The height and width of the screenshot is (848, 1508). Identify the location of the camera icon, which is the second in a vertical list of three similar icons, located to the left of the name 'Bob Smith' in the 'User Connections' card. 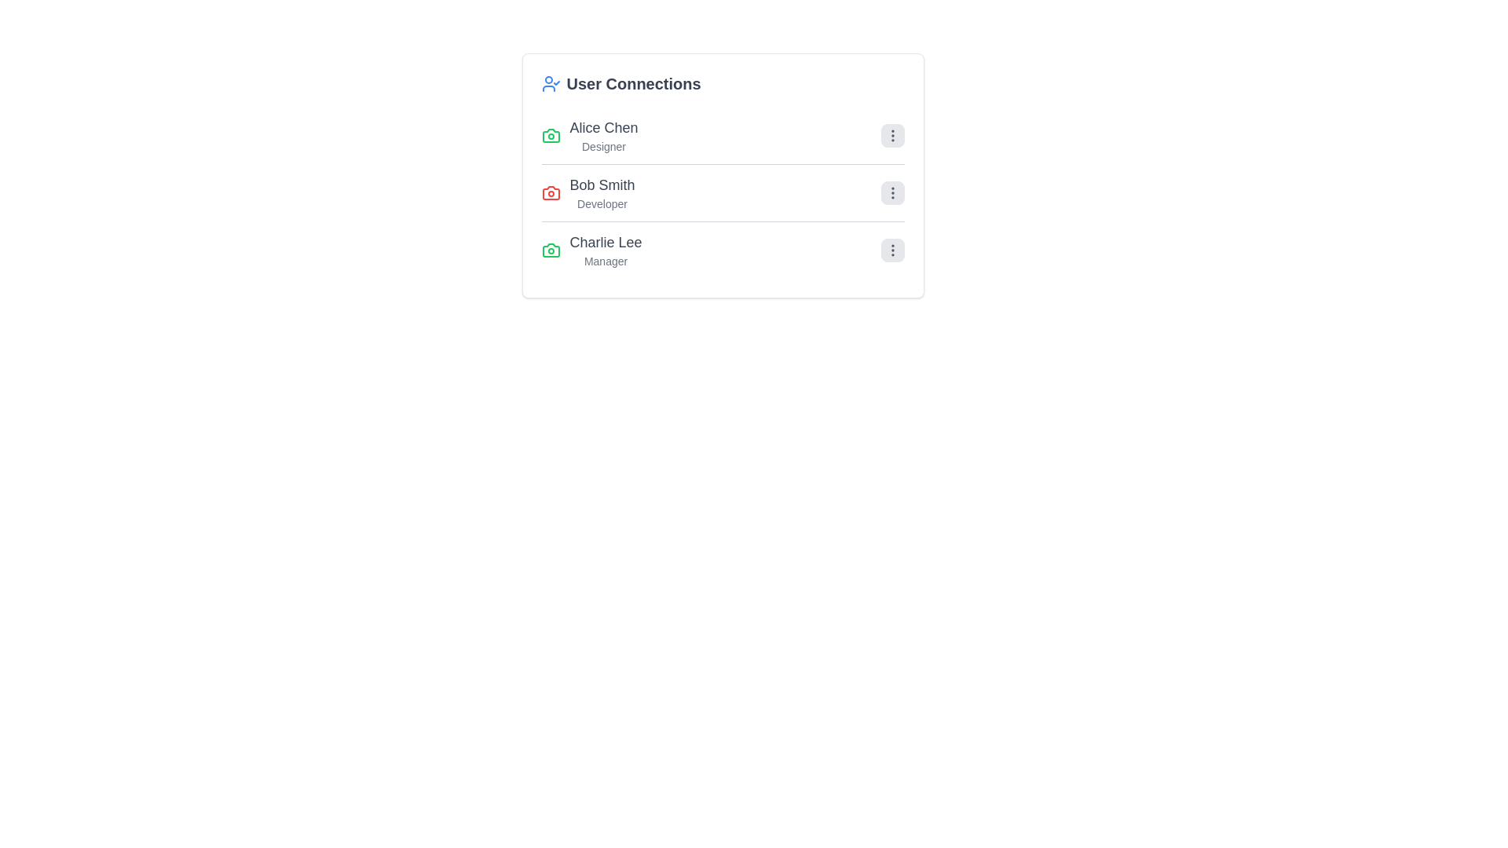
(551, 192).